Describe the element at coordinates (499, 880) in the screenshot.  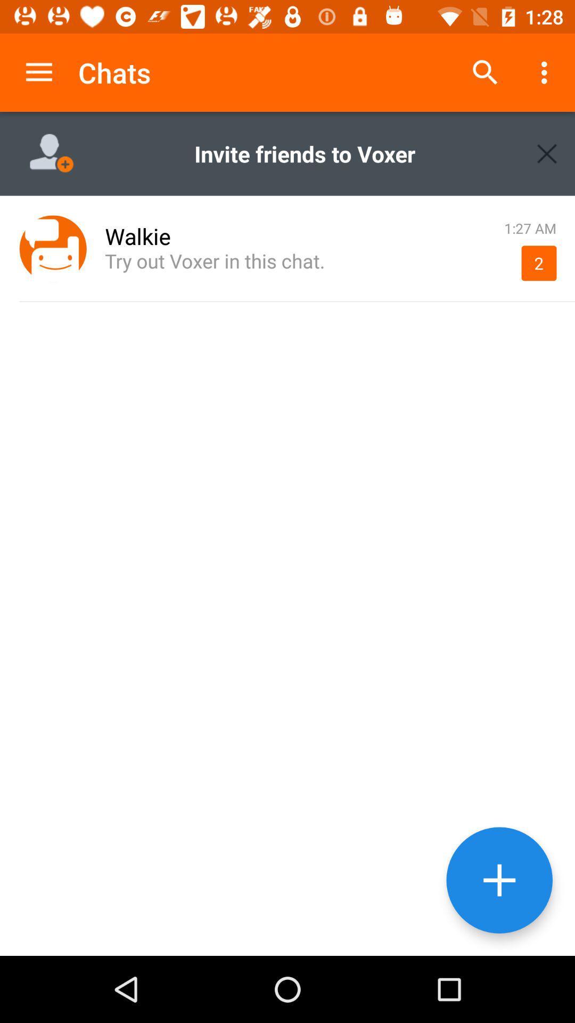
I see `the add icon` at that location.